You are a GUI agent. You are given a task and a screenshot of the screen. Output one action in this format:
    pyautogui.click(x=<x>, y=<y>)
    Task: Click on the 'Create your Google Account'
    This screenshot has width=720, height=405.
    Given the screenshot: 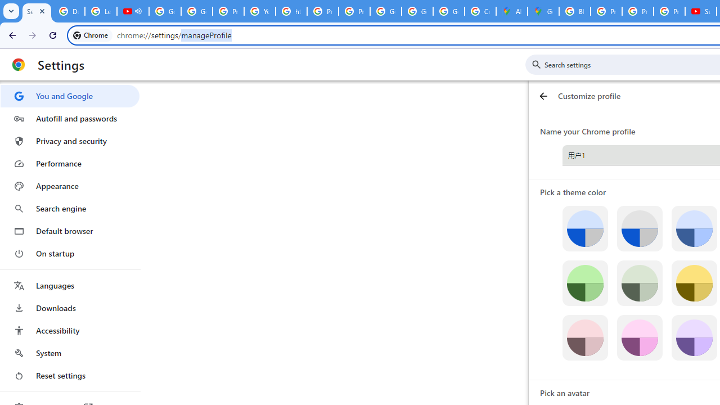 What is the action you would take?
    pyautogui.click(x=480, y=11)
    